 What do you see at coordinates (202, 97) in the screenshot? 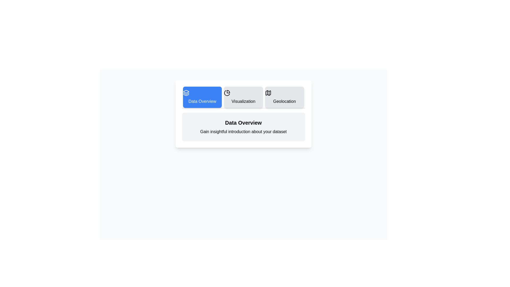
I see `the Data Overview tab to observe its effects` at bounding box center [202, 97].